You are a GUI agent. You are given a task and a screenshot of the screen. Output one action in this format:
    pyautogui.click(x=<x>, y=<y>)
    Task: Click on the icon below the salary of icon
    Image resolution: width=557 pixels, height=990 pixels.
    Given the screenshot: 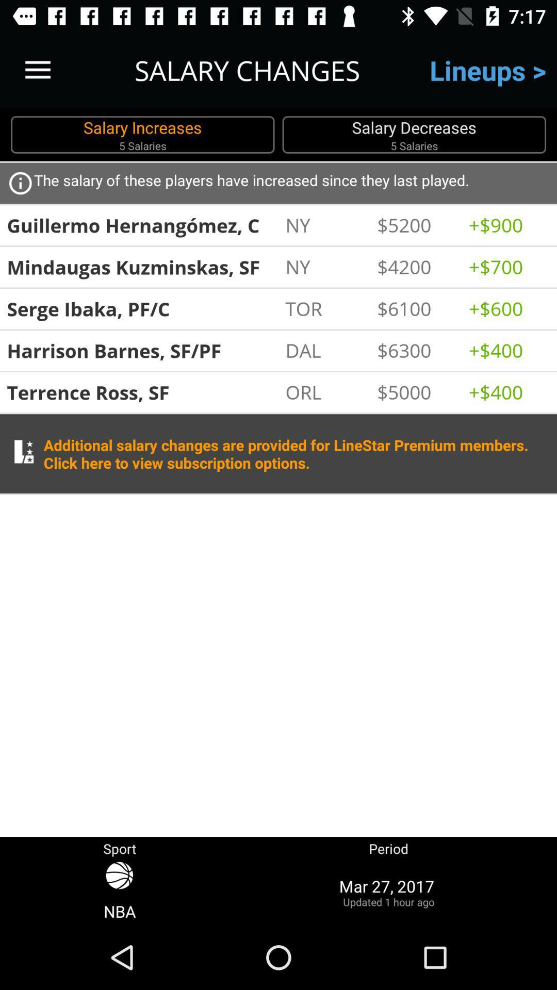 What is the action you would take?
    pyautogui.click(x=417, y=224)
    